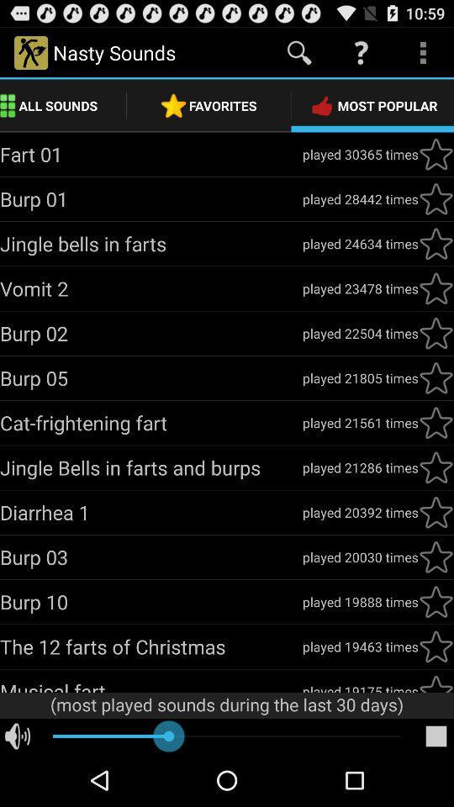  I want to click on to favorite, so click(436, 646).